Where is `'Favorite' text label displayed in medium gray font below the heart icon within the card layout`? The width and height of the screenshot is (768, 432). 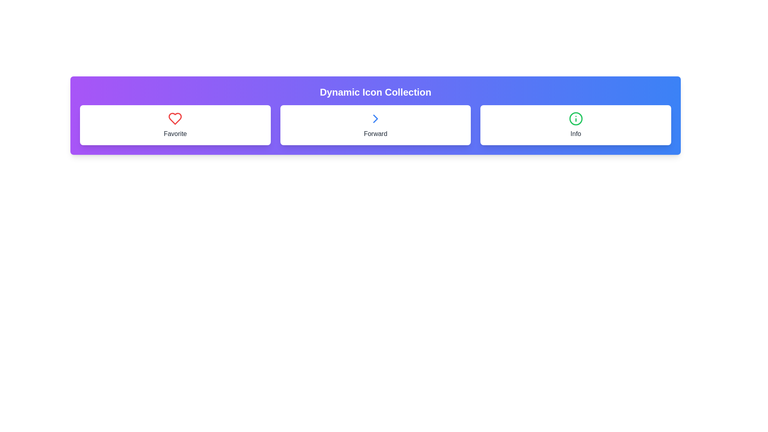 'Favorite' text label displayed in medium gray font below the heart icon within the card layout is located at coordinates (175, 134).